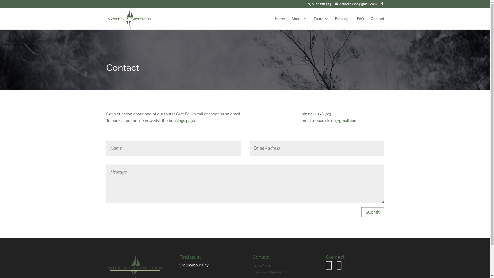  Describe the element at coordinates (373, 212) in the screenshot. I see `'Submit'` at that location.